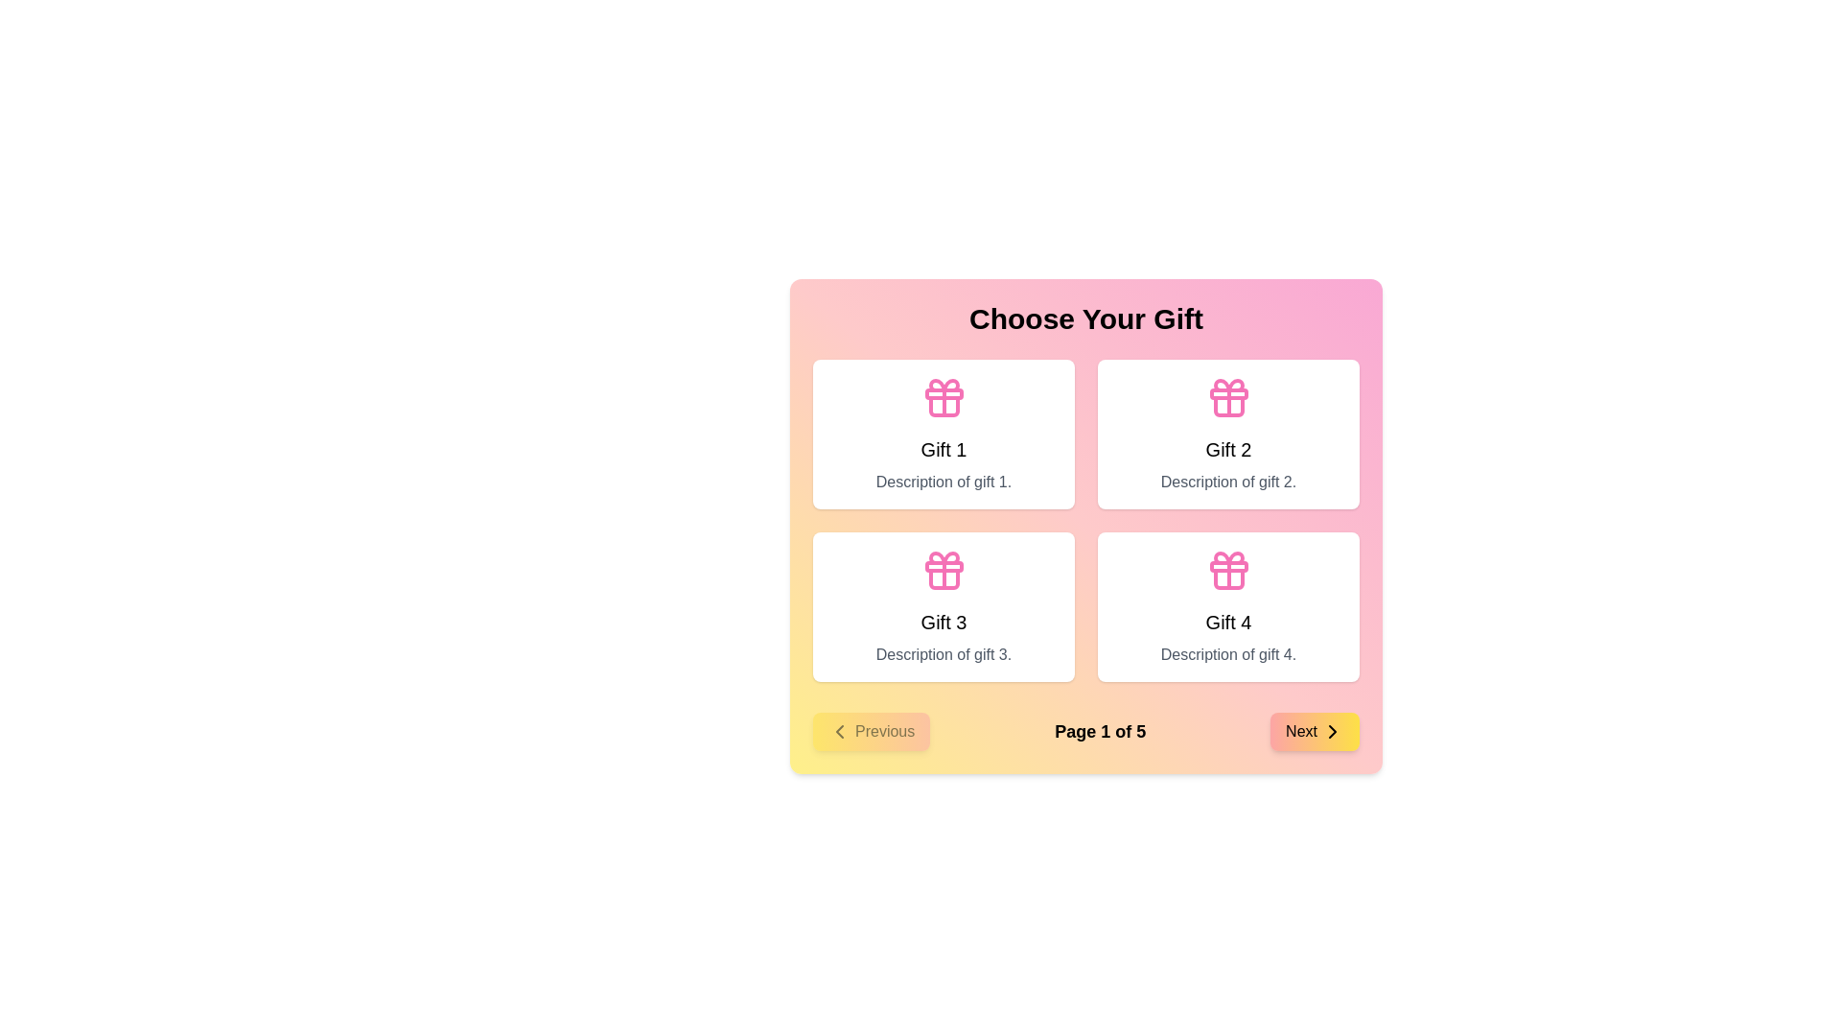 The image size is (1841, 1036). Describe the element at coordinates (1228, 565) in the screenshot. I see `the horizontal rectangular bar located at the top section of the pink outlined gift box icon with rounded corners` at that location.